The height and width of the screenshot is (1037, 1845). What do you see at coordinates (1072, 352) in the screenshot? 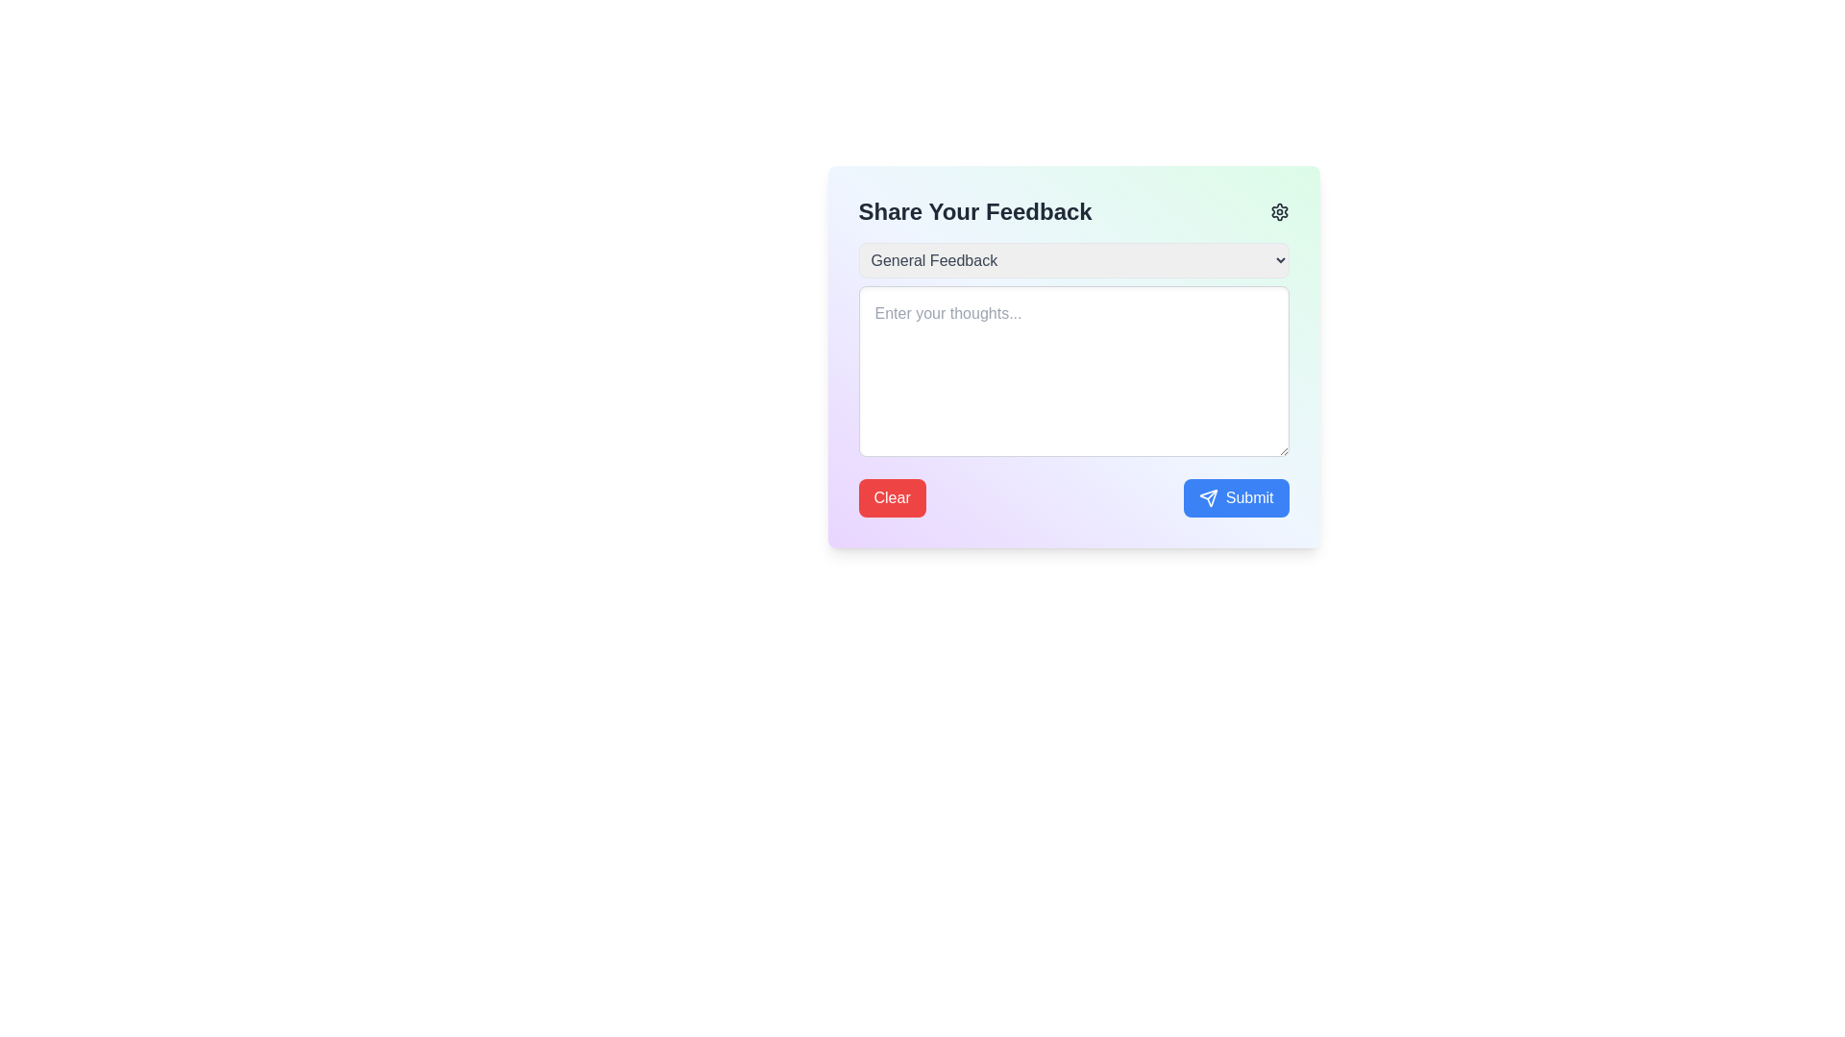
I see `the dropdown selector of the combination input field that displays 'General Feedback'` at bounding box center [1072, 352].